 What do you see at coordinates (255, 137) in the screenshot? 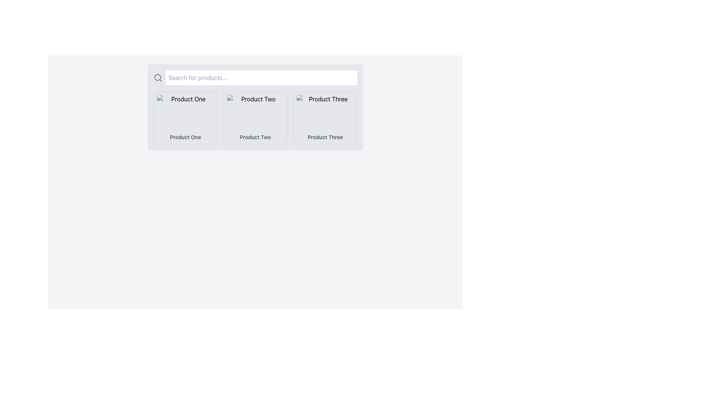
I see `the text label 'Product Two'` at bounding box center [255, 137].